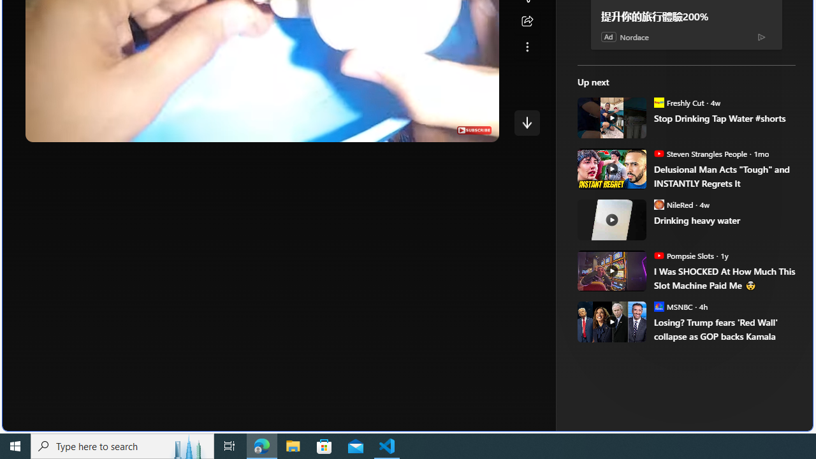 The width and height of the screenshot is (816, 459). What do you see at coordinates (765, 420) in the screenshot?
I see `'Feedback'` at bounding box center [765, 420].